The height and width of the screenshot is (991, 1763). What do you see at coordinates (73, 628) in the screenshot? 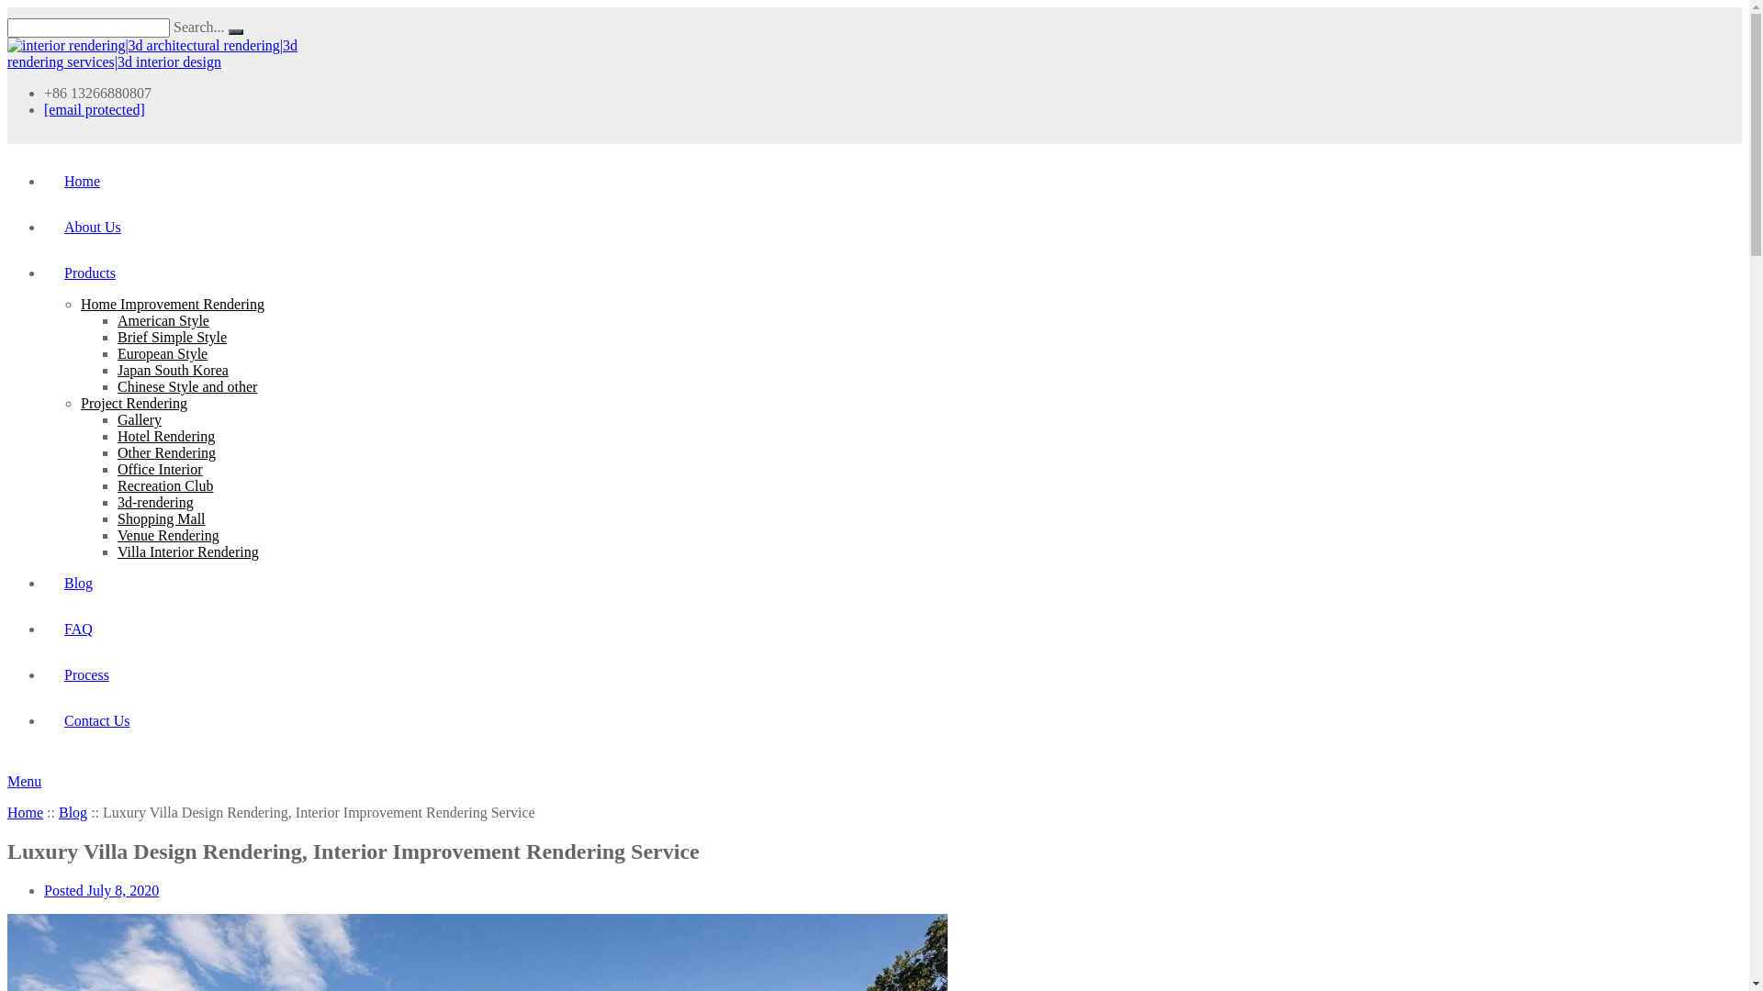
I see `'FAQ'` at bounding box center [73, 628].